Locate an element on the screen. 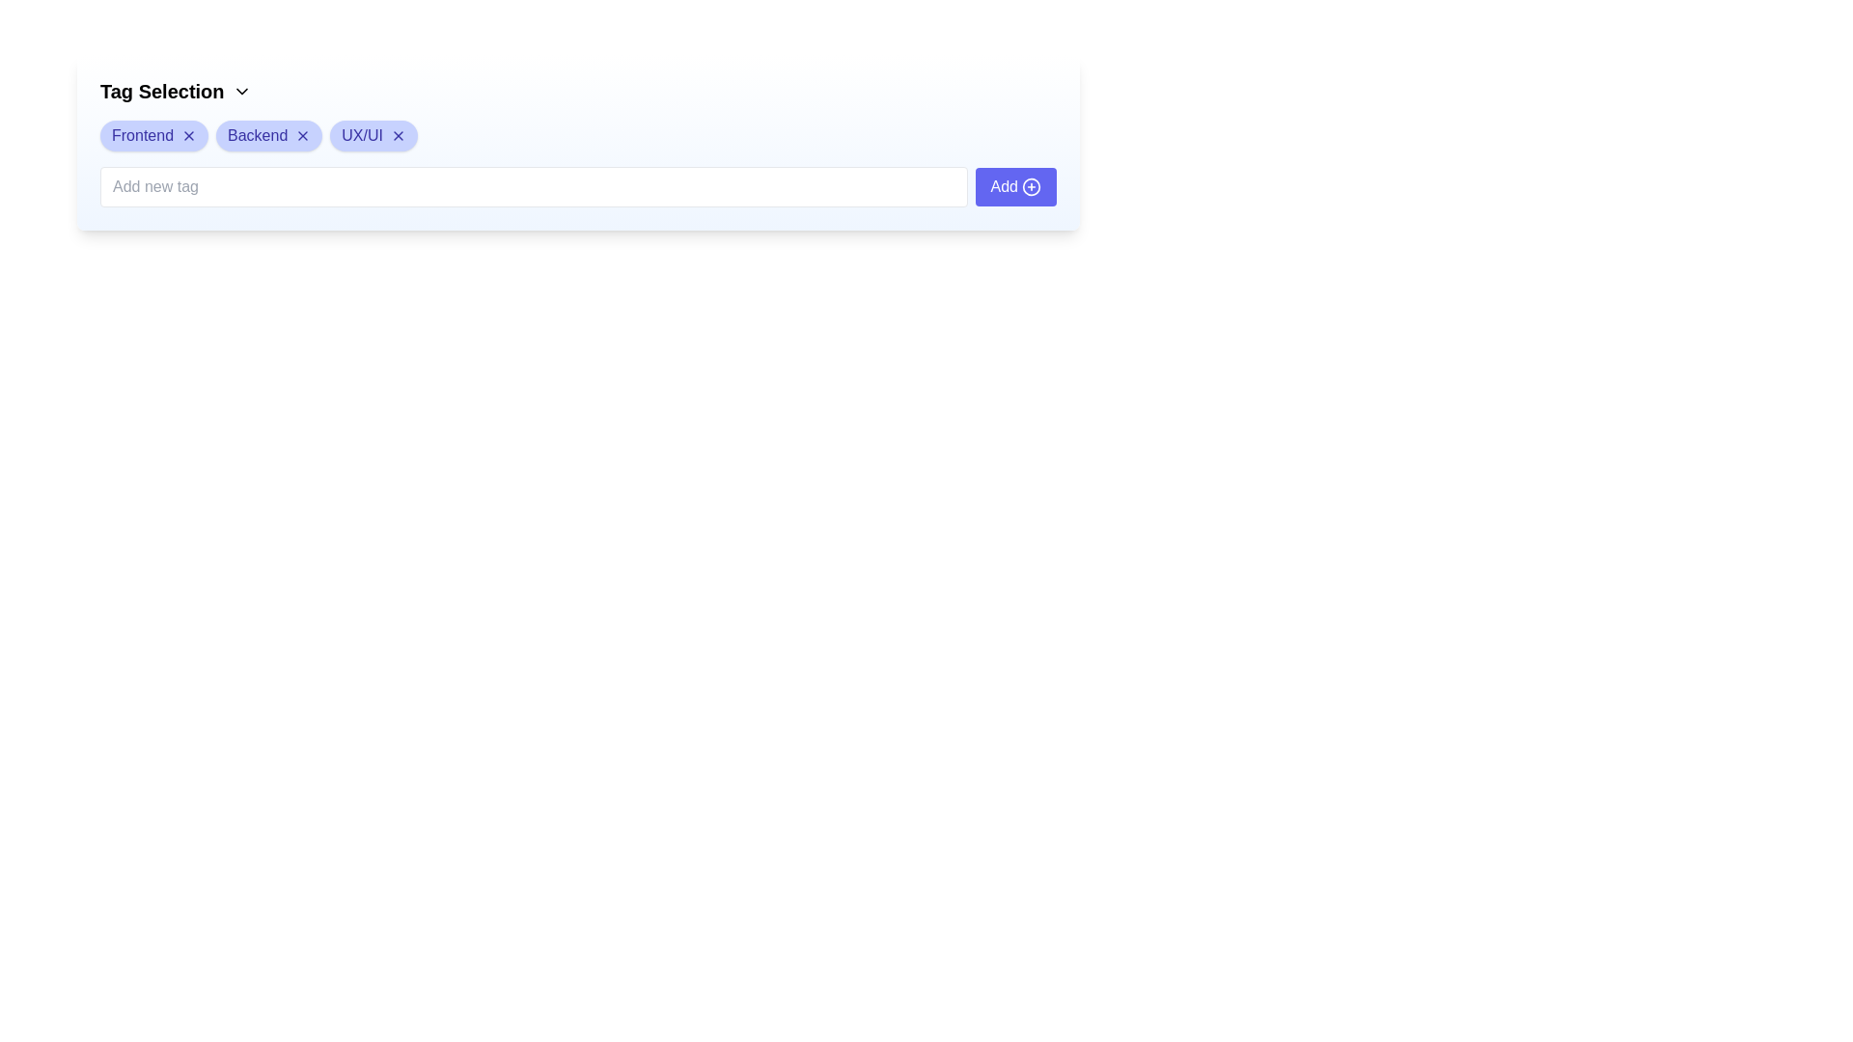 The image size is (1853, 1042). the 'Frontend' tag is located at coordinates (152, 135).